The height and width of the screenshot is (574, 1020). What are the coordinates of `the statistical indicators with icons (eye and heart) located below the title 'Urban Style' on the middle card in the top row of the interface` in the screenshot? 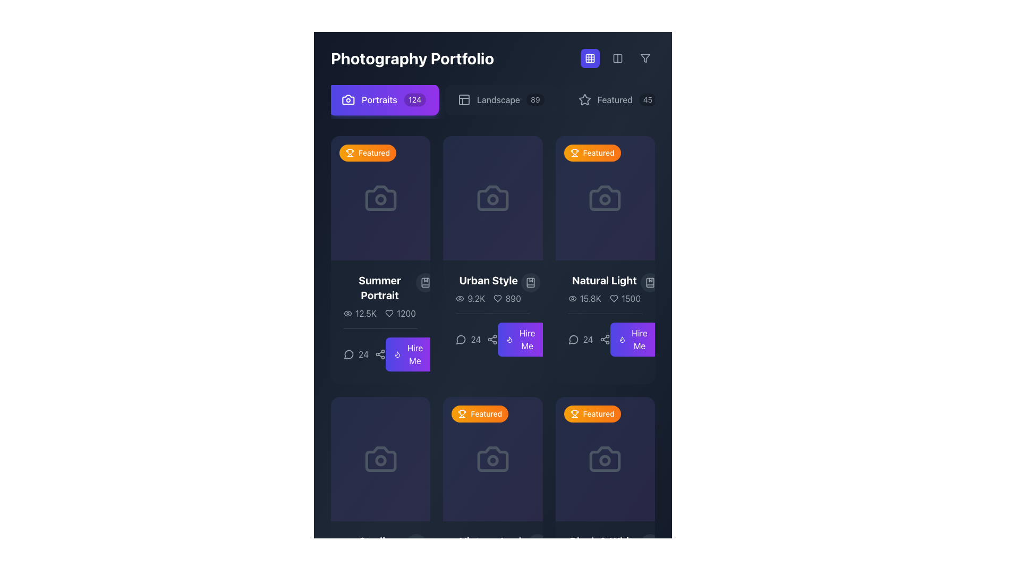 It's located at (488, 299).